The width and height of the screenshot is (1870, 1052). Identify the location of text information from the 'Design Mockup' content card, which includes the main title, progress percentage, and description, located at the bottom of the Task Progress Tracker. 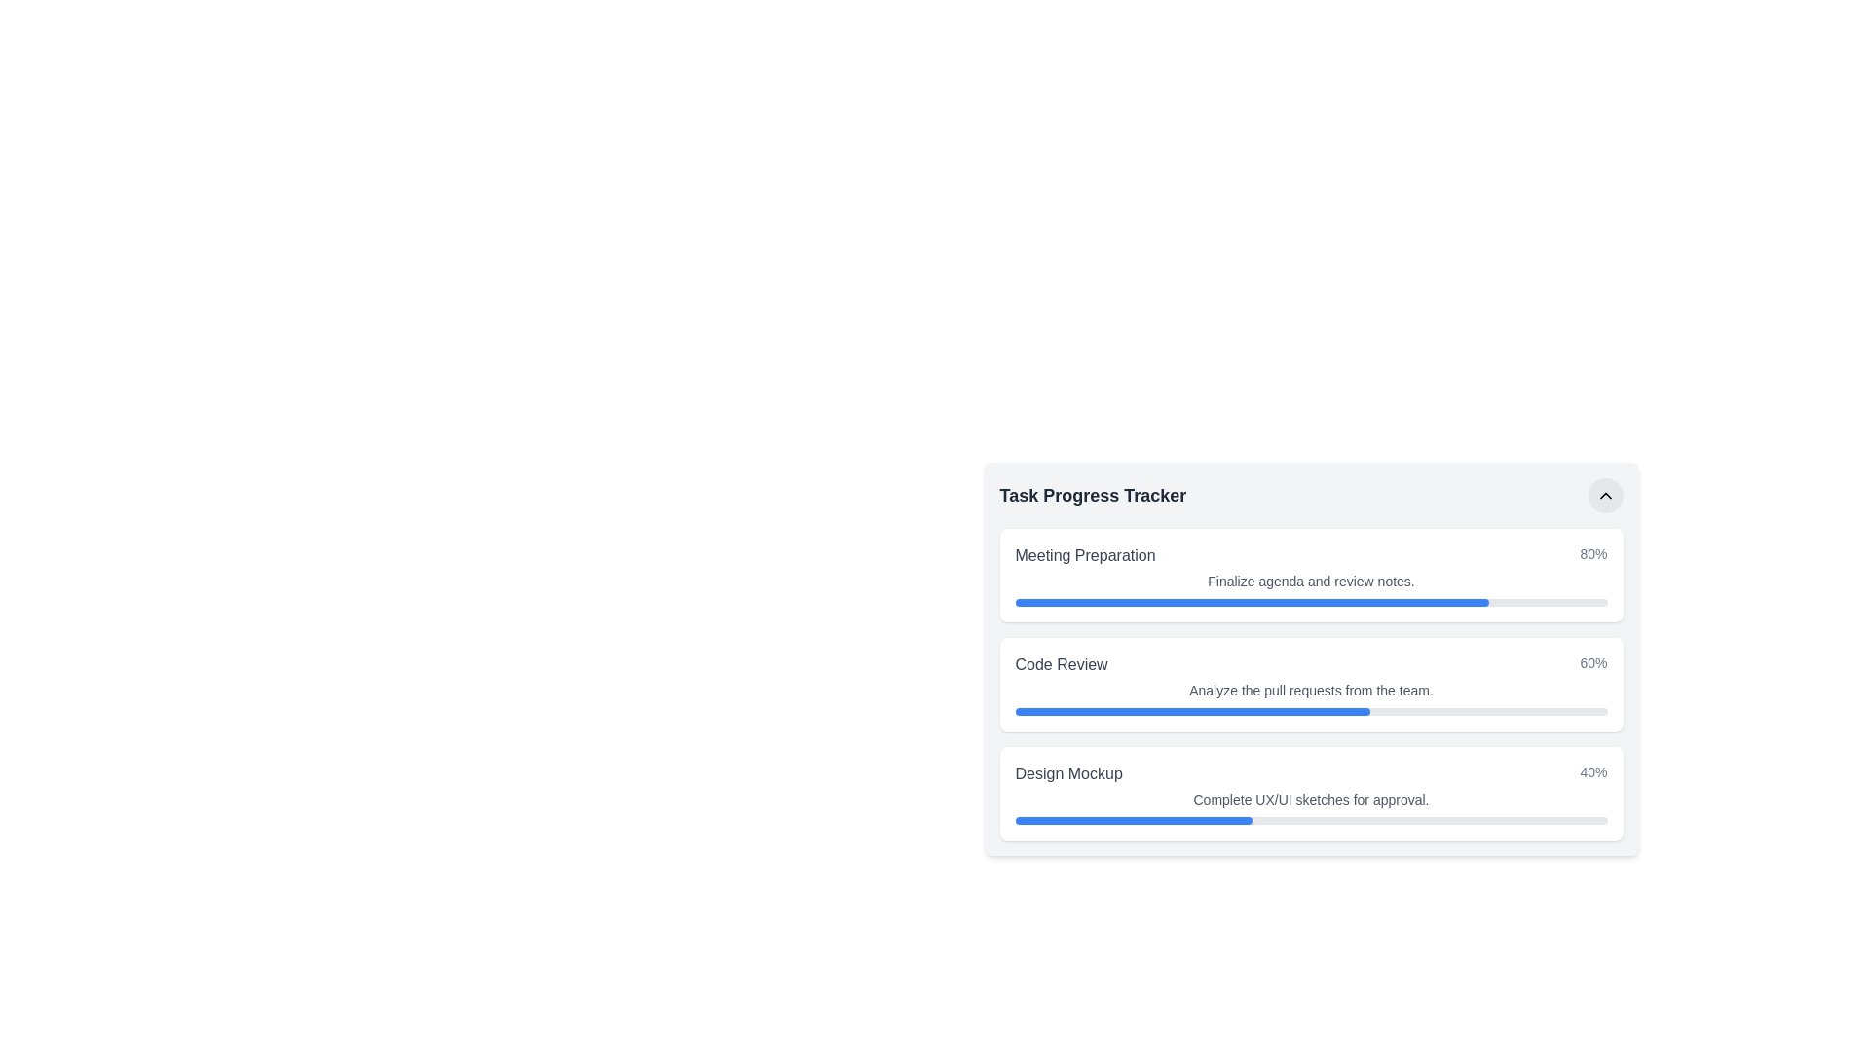
(1311, 793).